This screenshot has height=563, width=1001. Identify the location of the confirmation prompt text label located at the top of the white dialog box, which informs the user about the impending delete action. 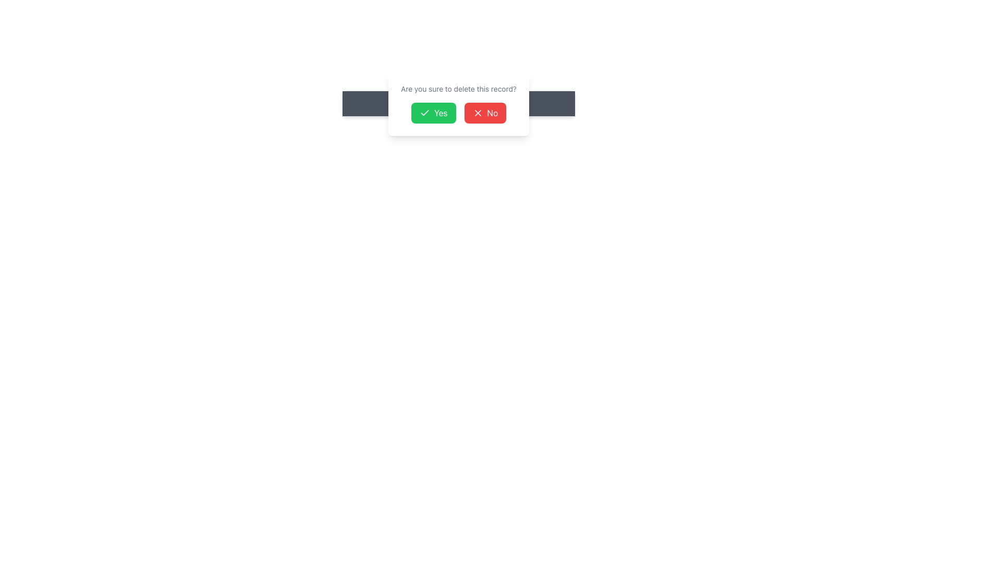
(458, 88).